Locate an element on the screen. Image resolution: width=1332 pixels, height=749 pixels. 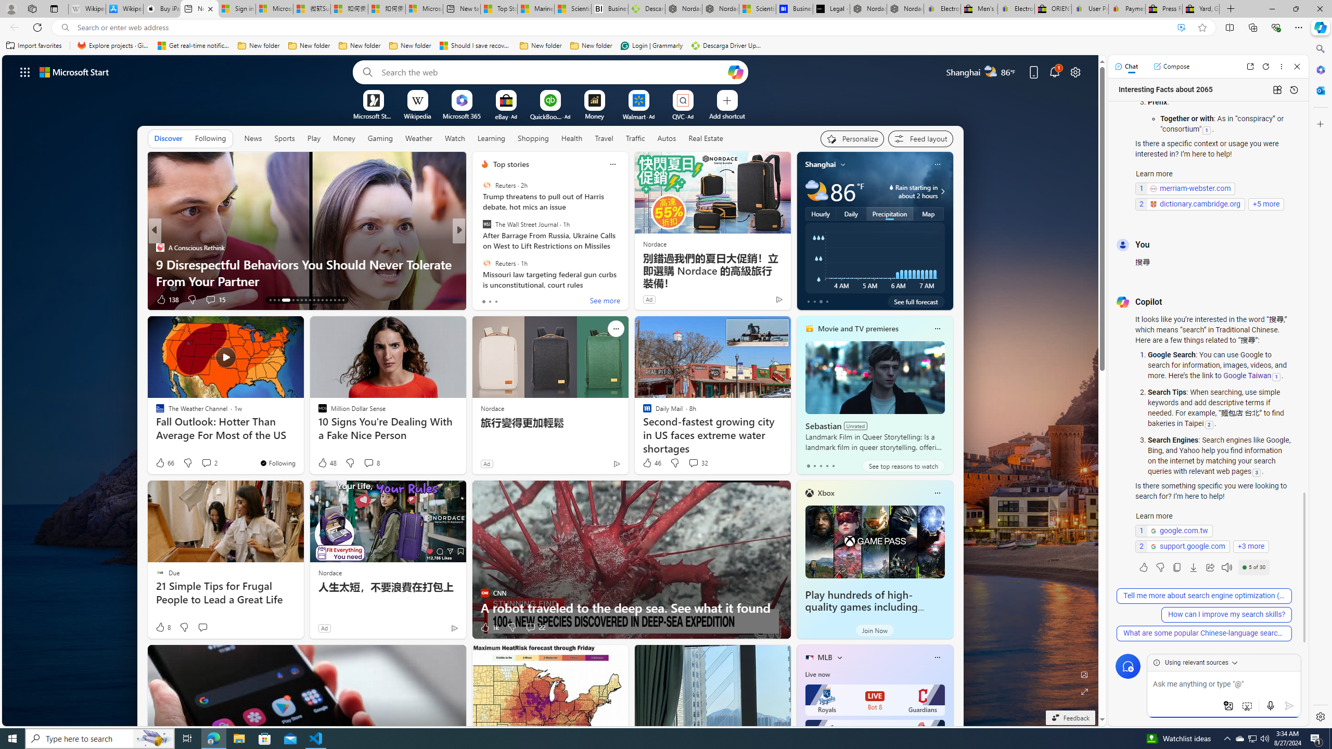
'AutomationID: tab-20' is located at coordinates (305, 300).